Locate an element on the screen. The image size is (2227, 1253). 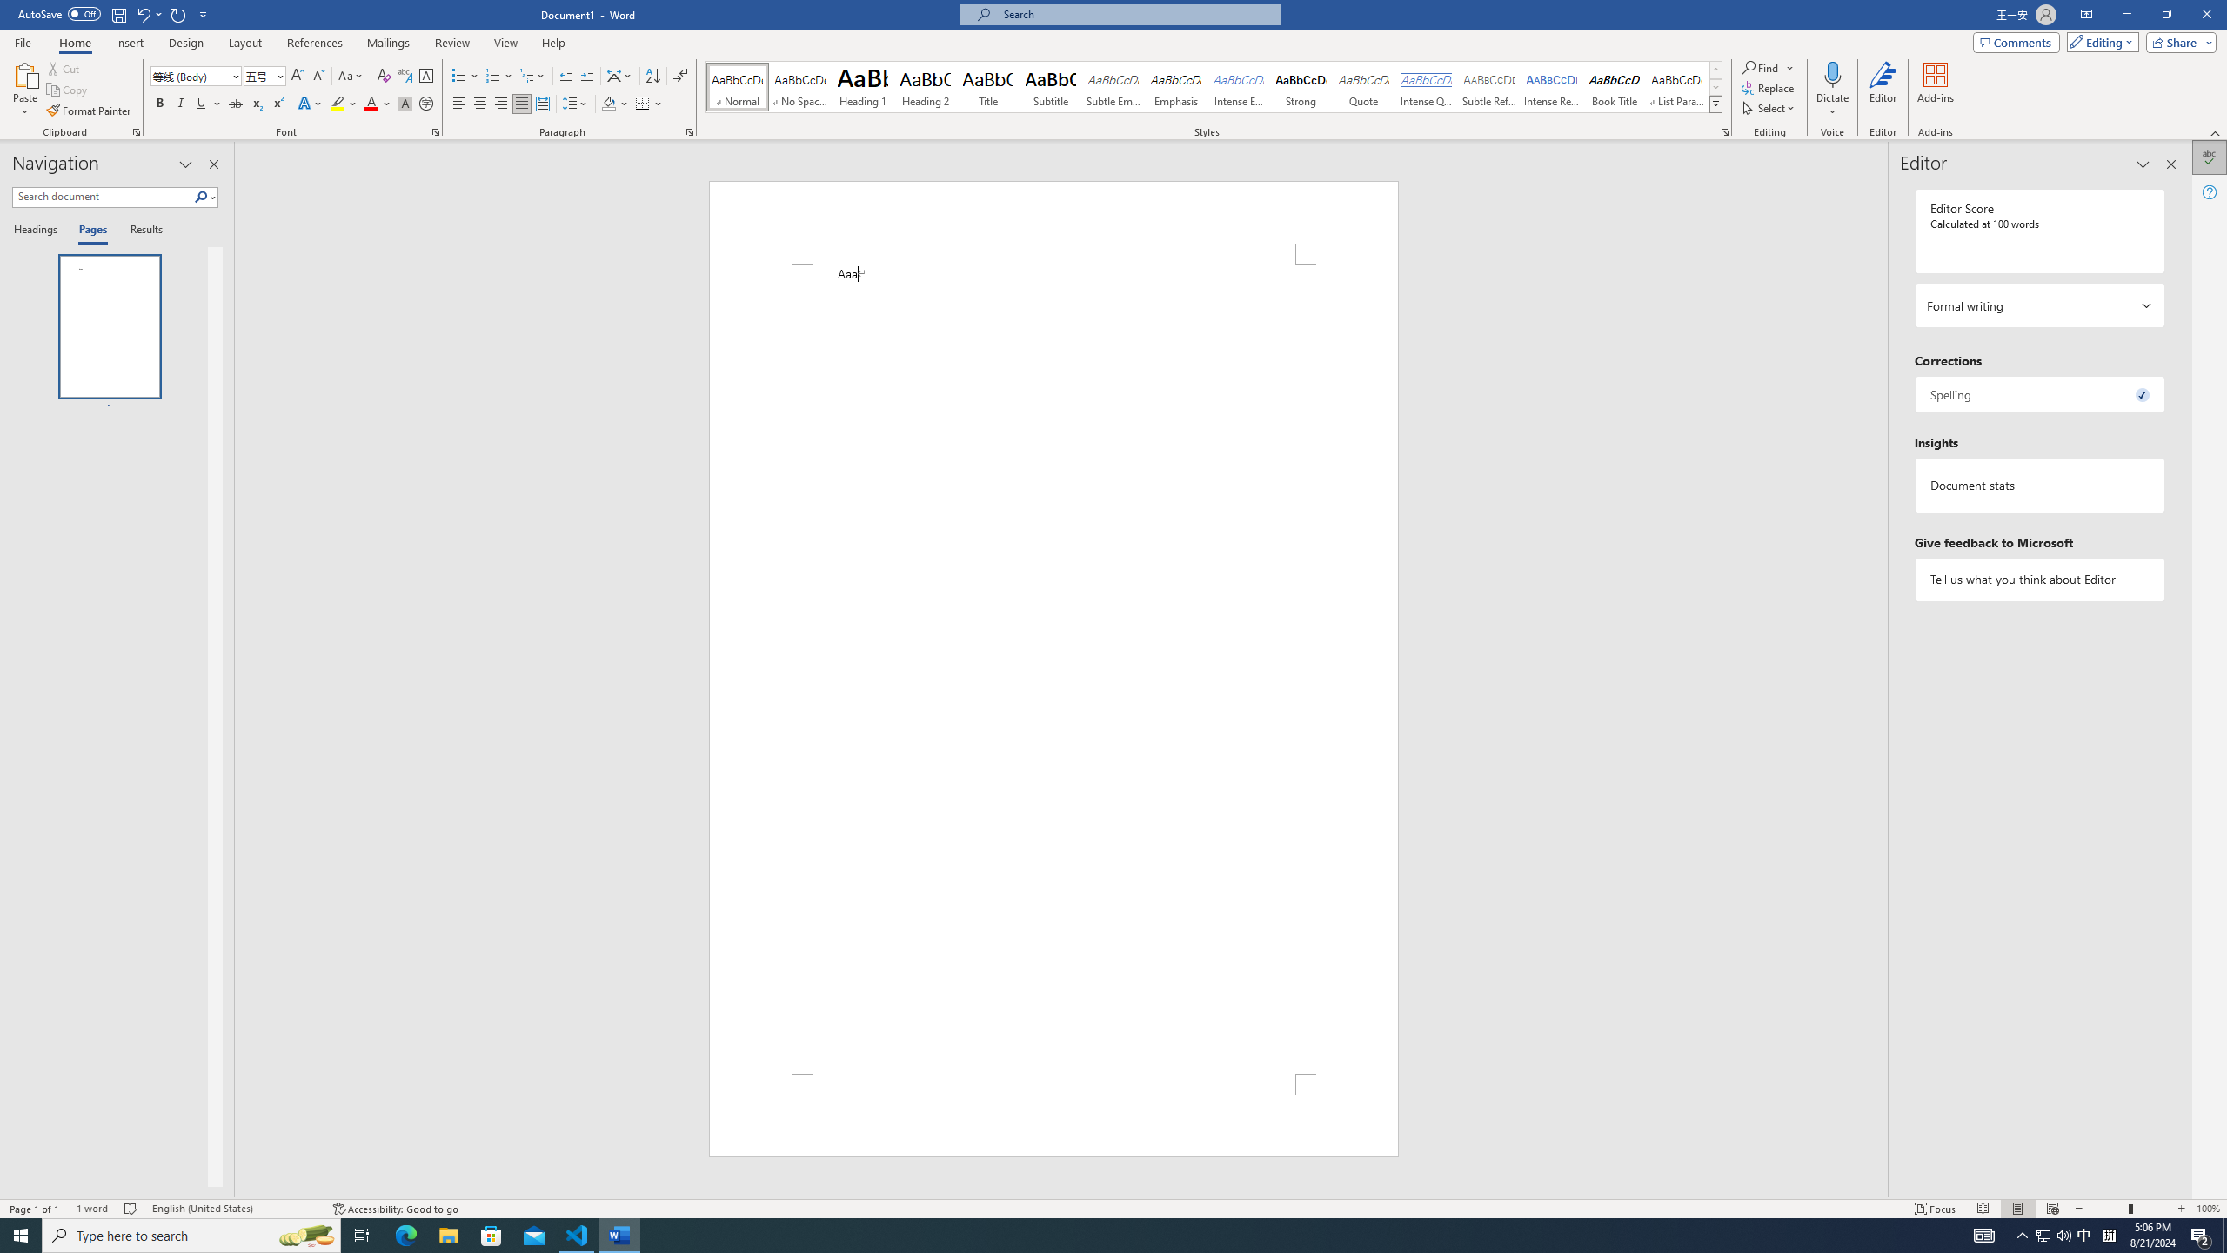
'Select' is located at coordinates (1769, 106).